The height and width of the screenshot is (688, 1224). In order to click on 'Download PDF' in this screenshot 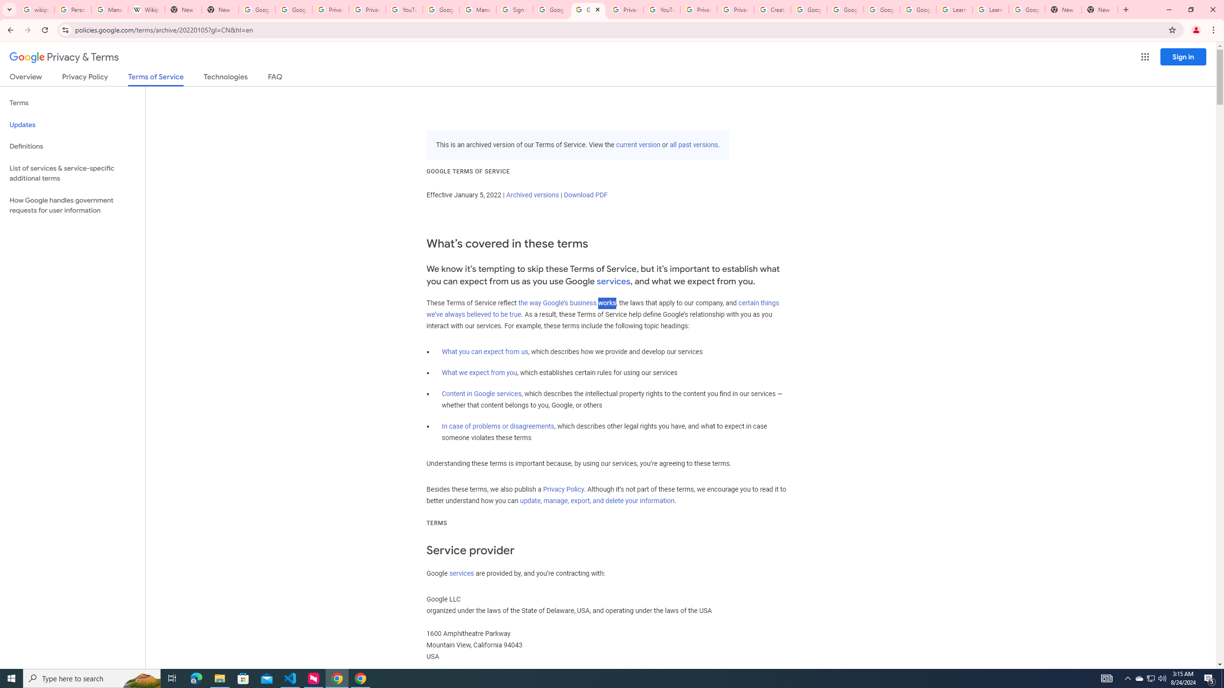, I will do `click(585, 194)`.